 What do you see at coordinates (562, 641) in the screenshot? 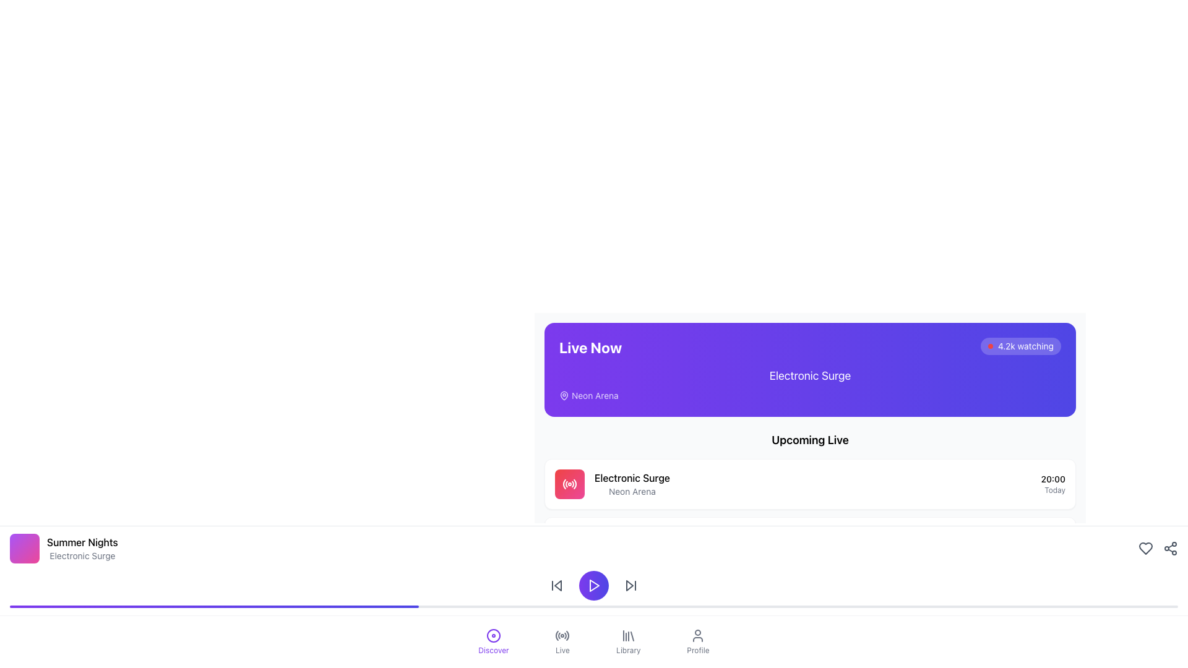
I see `the 'Live' button in the navigation bar, which features a gray icon resembling broadcast waves and the label 'Live' in small, gray font` at bounding box center [562, 641].